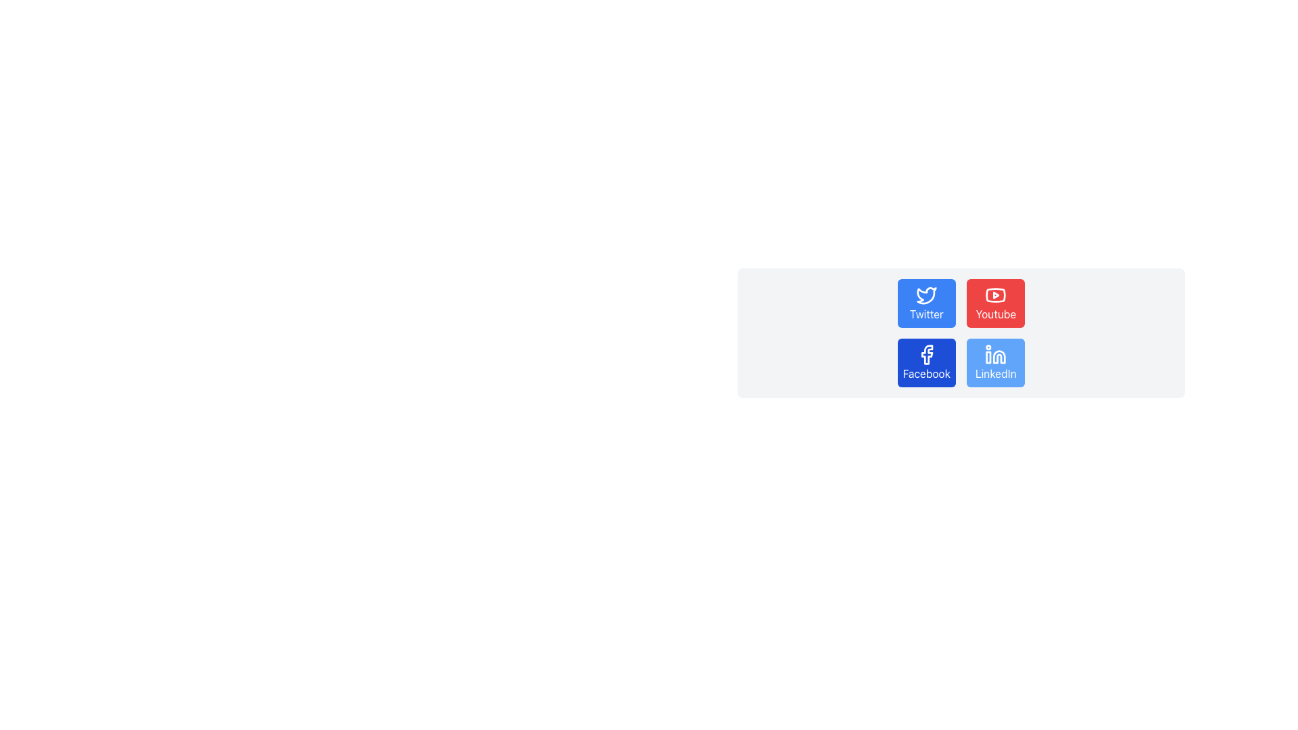 Image resolution: width=1298 pixels, height=730 pixels. What do you see at coordinates (926, 354) in the screenshot?
I see `the blue Facebook icon shaped like the letter 'f'` at bounding box center [926, 354].